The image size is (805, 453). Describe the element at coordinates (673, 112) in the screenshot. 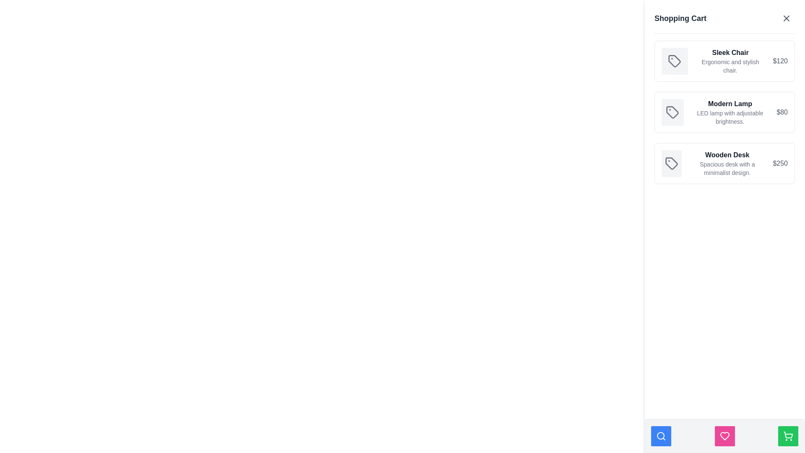

I see `the tag icon that resembles a label with a circular cutout, located in the second row of the shopping cart list next to the 'Modern Lamp' item` at that location.